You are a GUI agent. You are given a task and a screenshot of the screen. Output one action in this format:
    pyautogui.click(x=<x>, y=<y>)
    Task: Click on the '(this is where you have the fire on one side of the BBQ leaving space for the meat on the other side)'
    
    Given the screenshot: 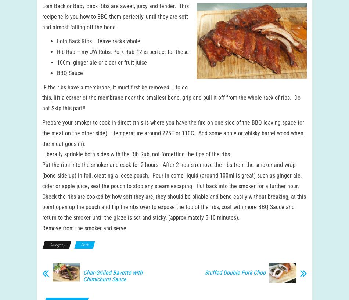 What is the action you would take?
    pyautogui.click(x=173, y=135)
    